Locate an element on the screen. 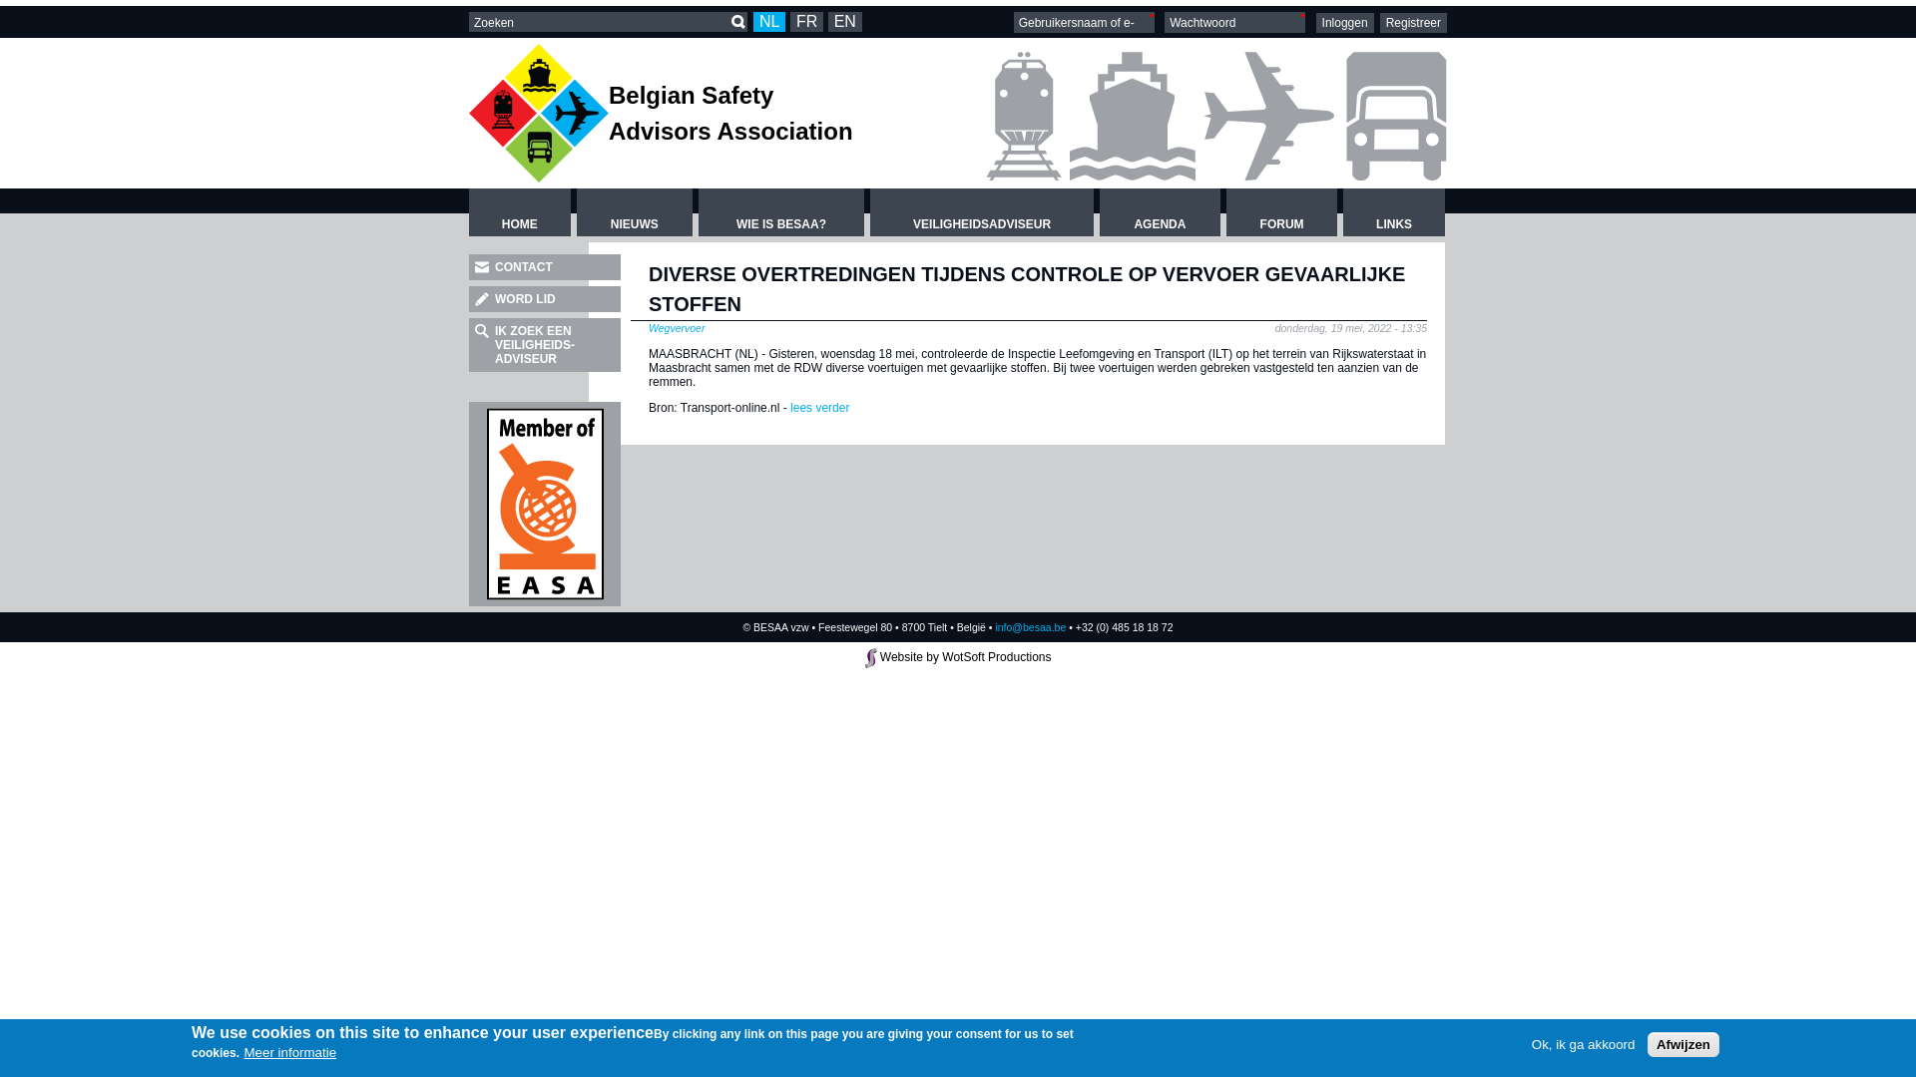 The width and height of the screenshot is (1916, 1077). 'FR' is located at coordinates (806, 22).